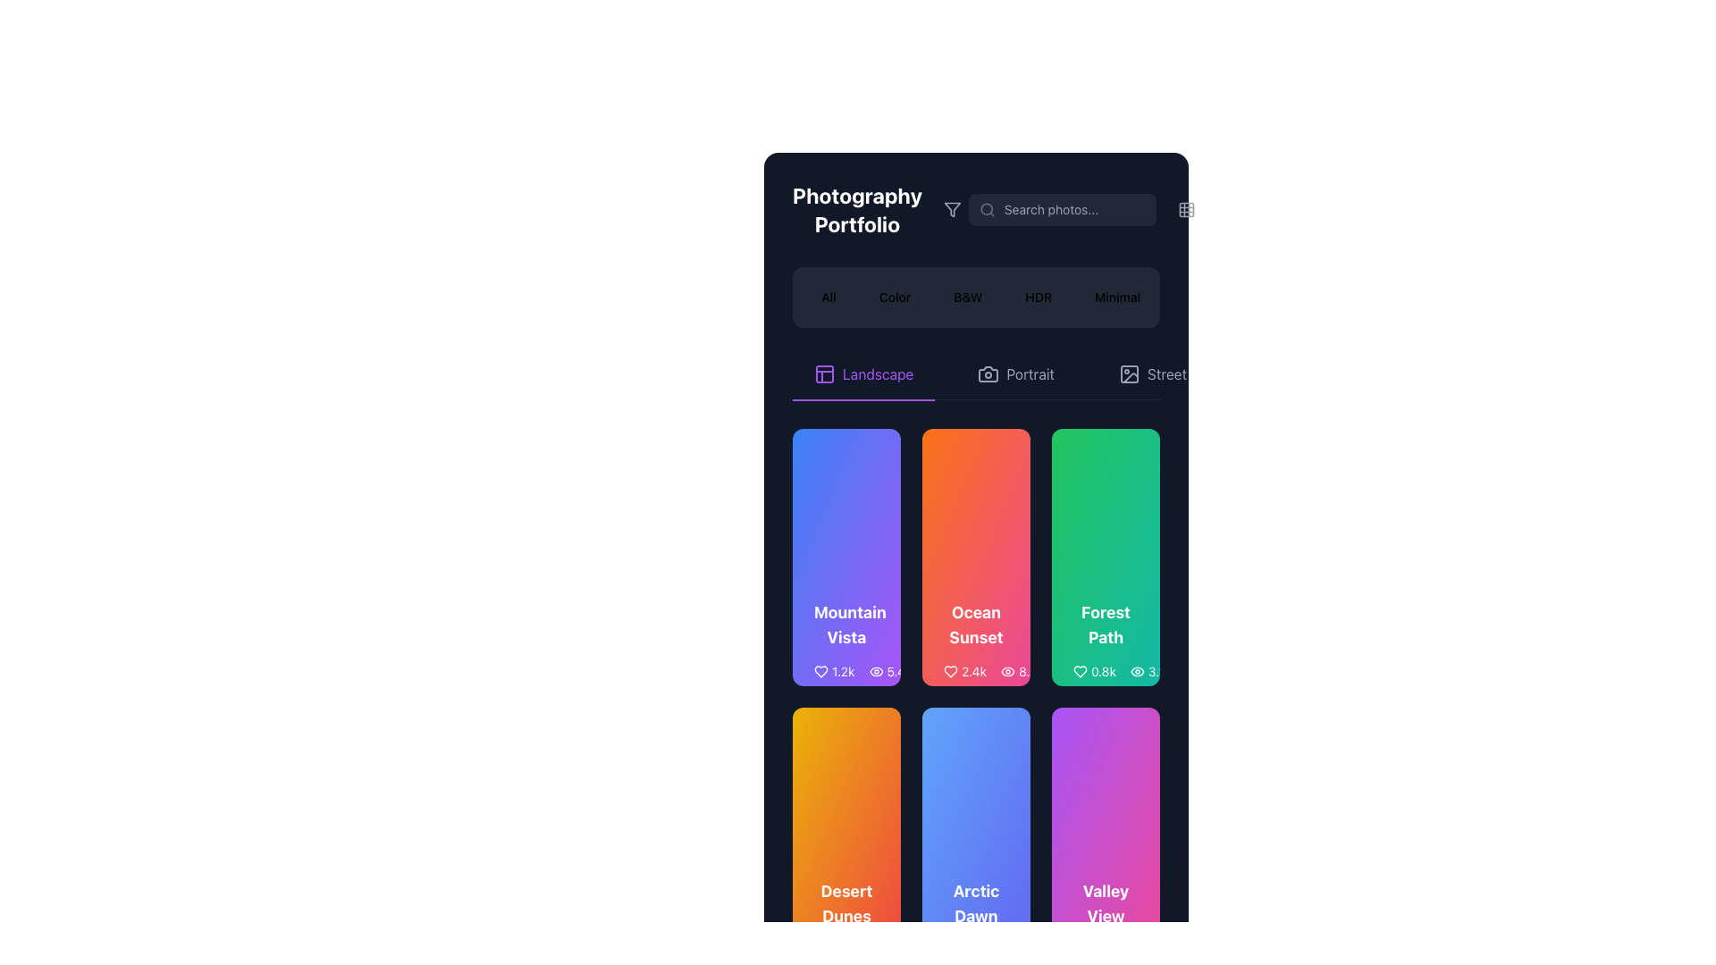  Describe the element at coordinates (961, 672) in the screenshot. I see `the download icon, which is a small downward arrow with a horizontal bar beneath it, located centrally in the 'Ocean Sunset' card in the second row's middle column` at that location.